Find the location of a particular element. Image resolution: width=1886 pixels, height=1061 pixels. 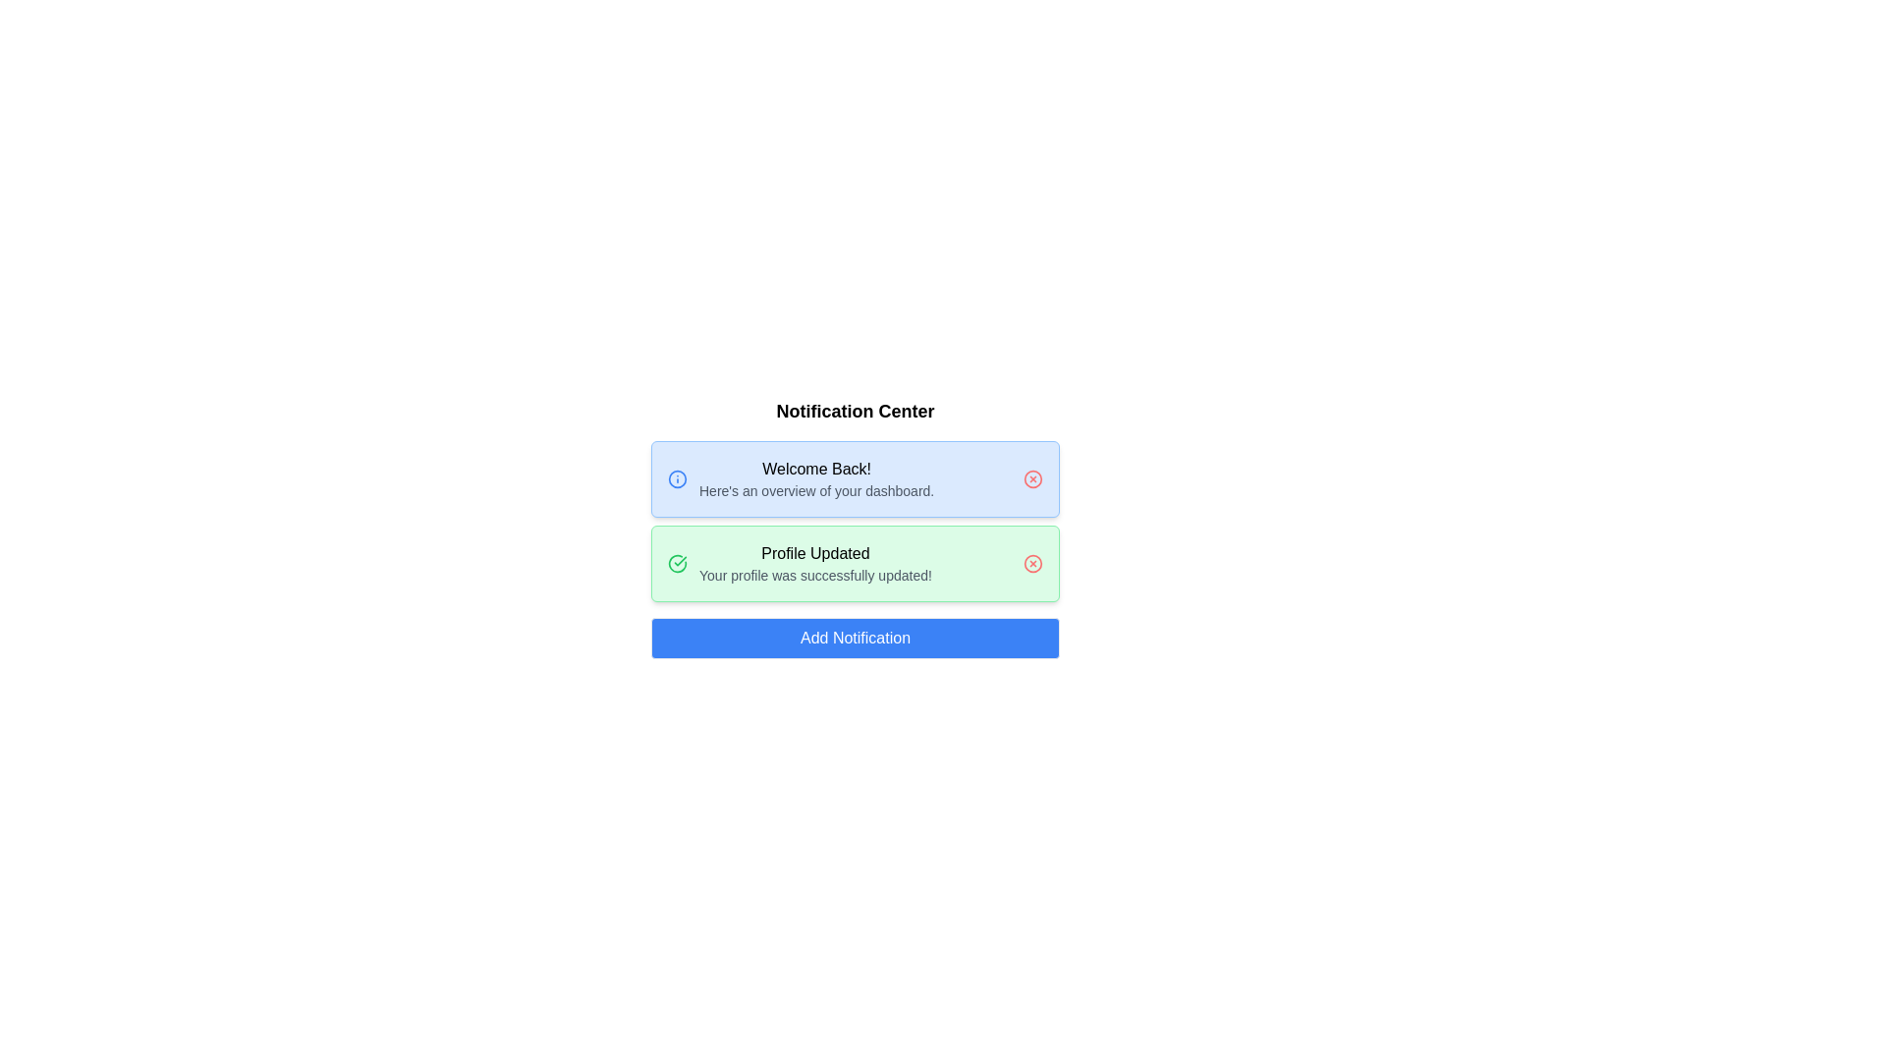

the bold text label displaying 'Welcome Back!' which is prominently placed against a light blue background is located at coordinates (816, 470).